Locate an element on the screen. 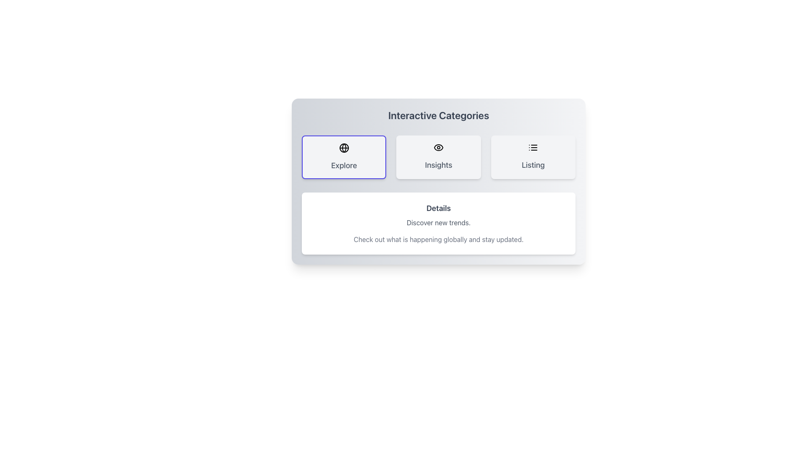 This screenshot has width=806, height=453. the static text element that serves as a brief introduction, located between the header 'Details' and the descriptive text below it is located at coordinates (438, 222).